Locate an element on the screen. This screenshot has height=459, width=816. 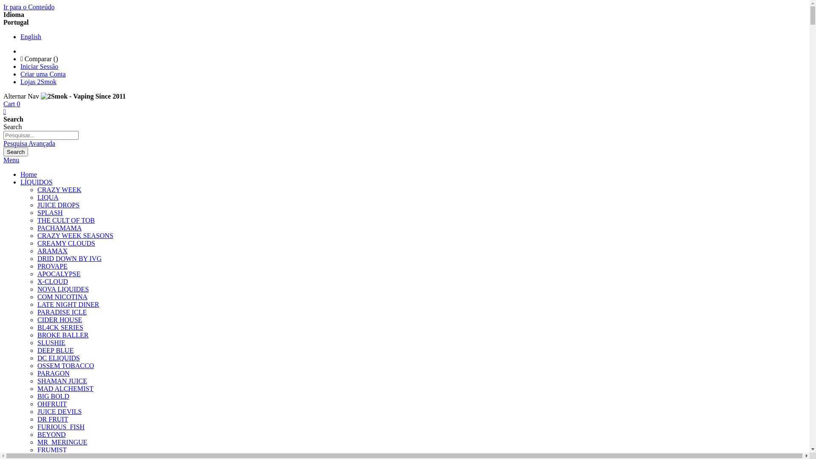
'X-CLOUD' is located at coordinates (37, 281).